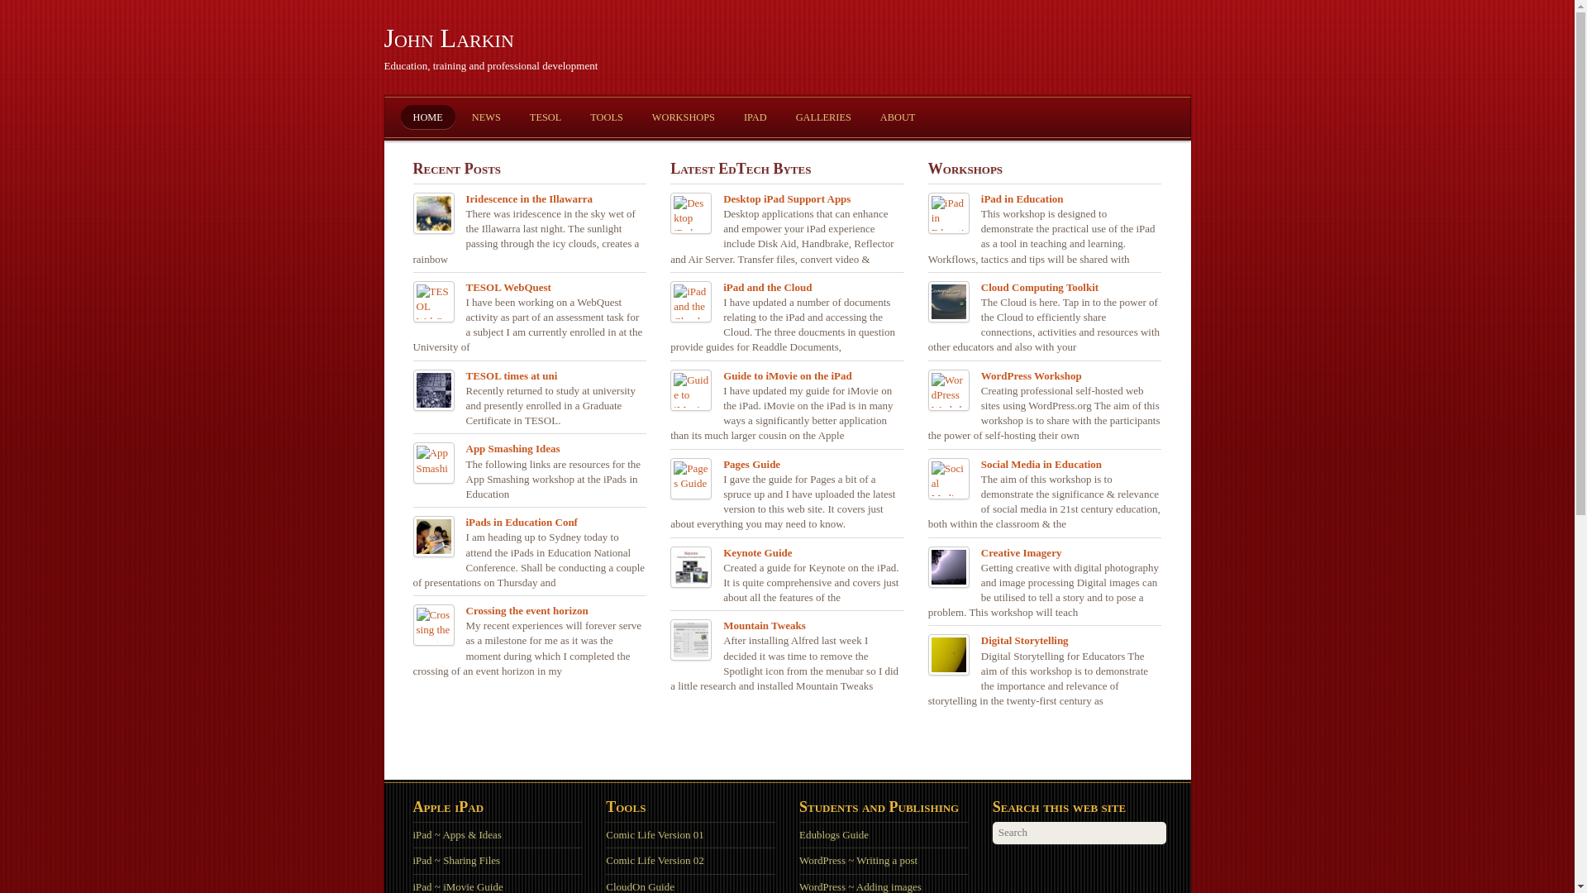  What do you see at coordinates (412, 859) in the screenshot?
I see `'iPad ~ Sharing Files'` at bounding box center [412, 859].